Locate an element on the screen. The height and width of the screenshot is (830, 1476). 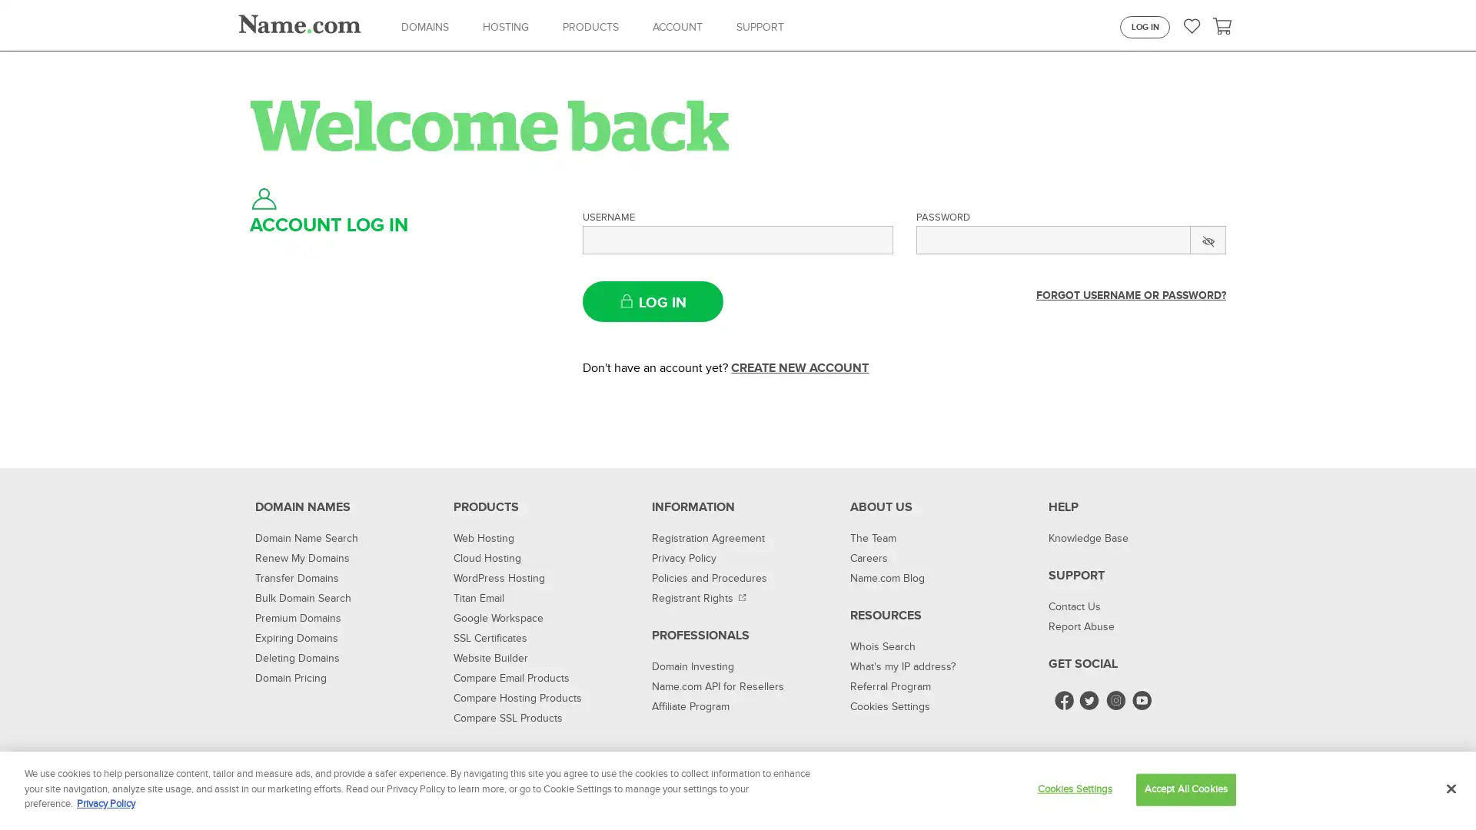
Close is located at coordinates (1450, 788).